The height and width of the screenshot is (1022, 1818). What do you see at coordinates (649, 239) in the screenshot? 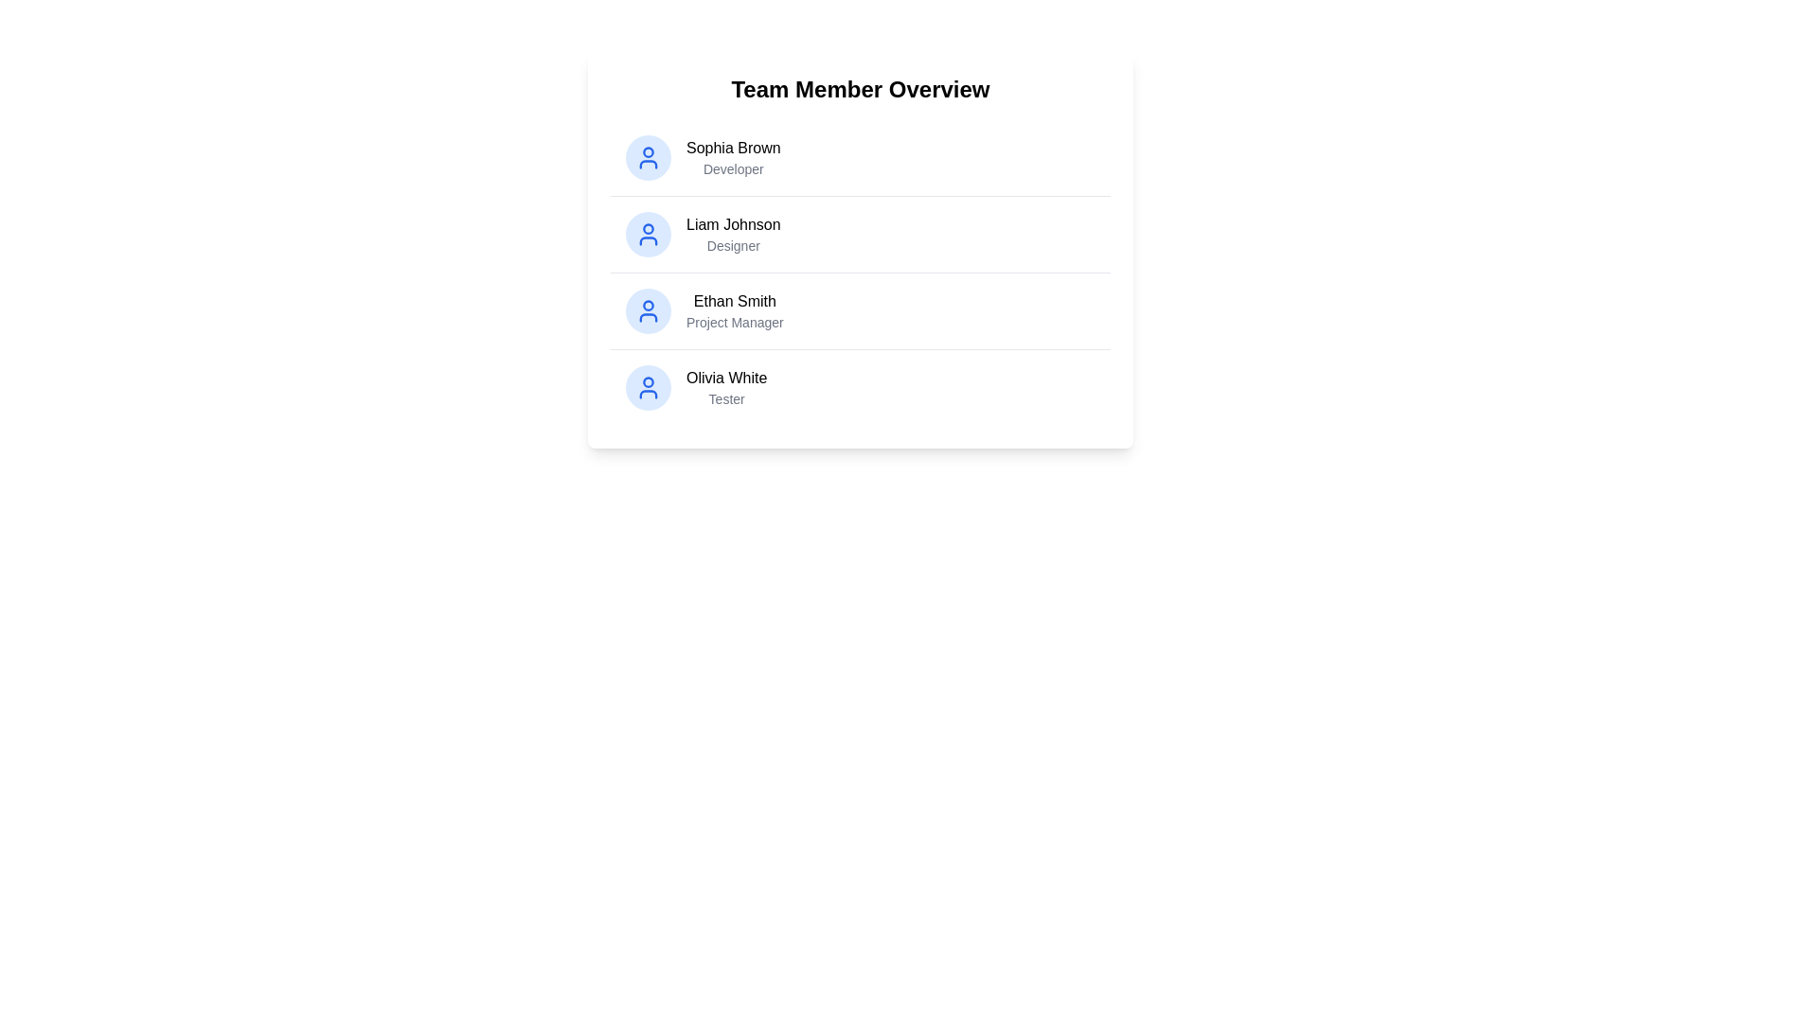
I see `the second segment of the user icon next to 'Liam Johnson' in the user list` at bounding box center [649, 239].